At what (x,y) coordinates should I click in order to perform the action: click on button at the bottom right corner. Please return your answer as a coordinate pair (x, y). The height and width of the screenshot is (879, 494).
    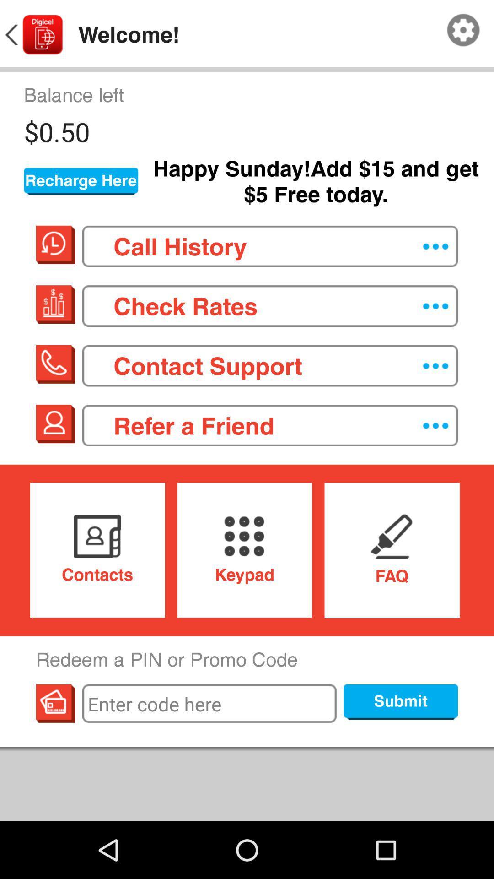
    Looking at the image, I should click on (400, 701).